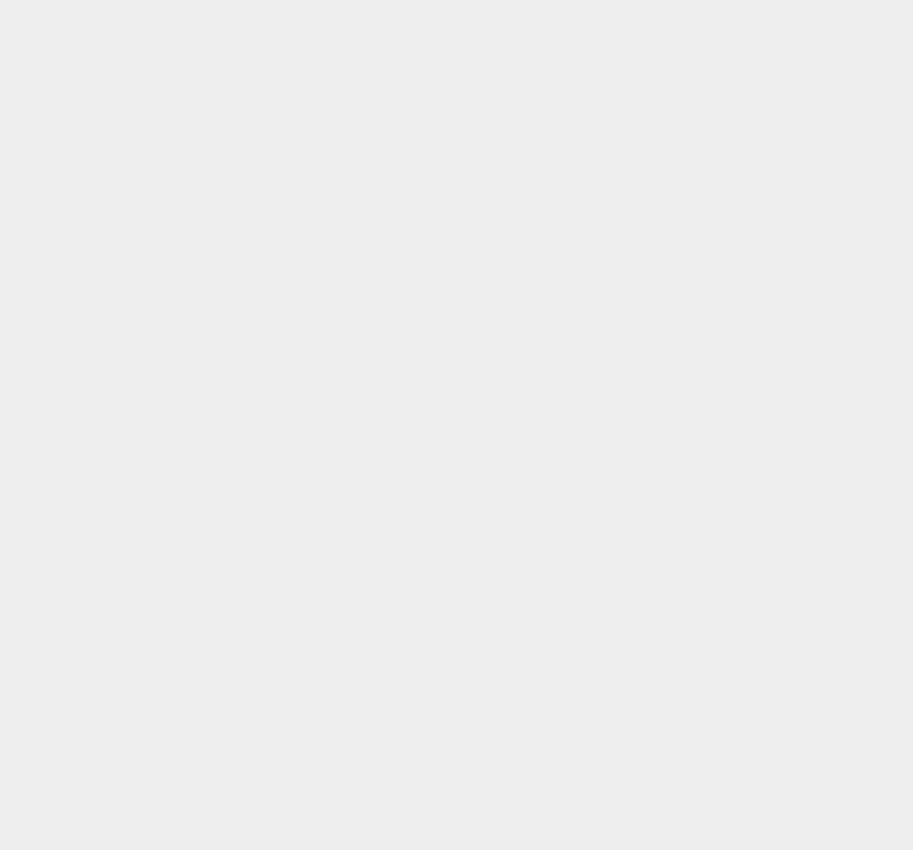 This screenshot has width=913, height=850. Describe the element at coordinates (657, 308) in the screenshot. I see `'Swift'` at that location.